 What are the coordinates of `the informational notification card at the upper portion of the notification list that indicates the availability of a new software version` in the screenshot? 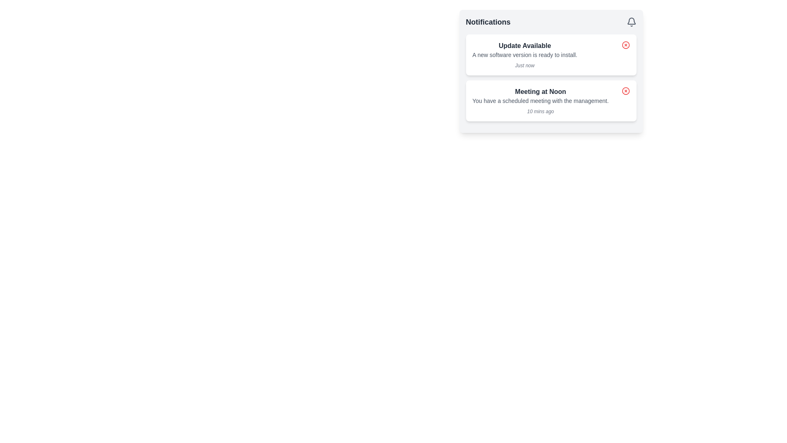 It's located at (525, 55).